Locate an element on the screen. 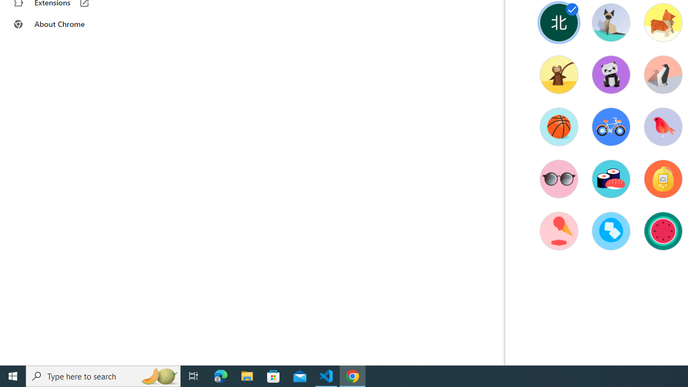  'Task View' is located at coordinates (193, 375).